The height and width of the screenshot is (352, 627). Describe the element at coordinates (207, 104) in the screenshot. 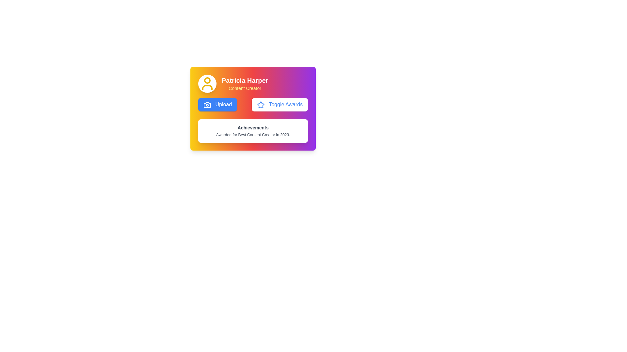

I see `the 'Upload' icon which is the left component of the 'Upload' button located below the profile information section of Patricia Harper` at that location.